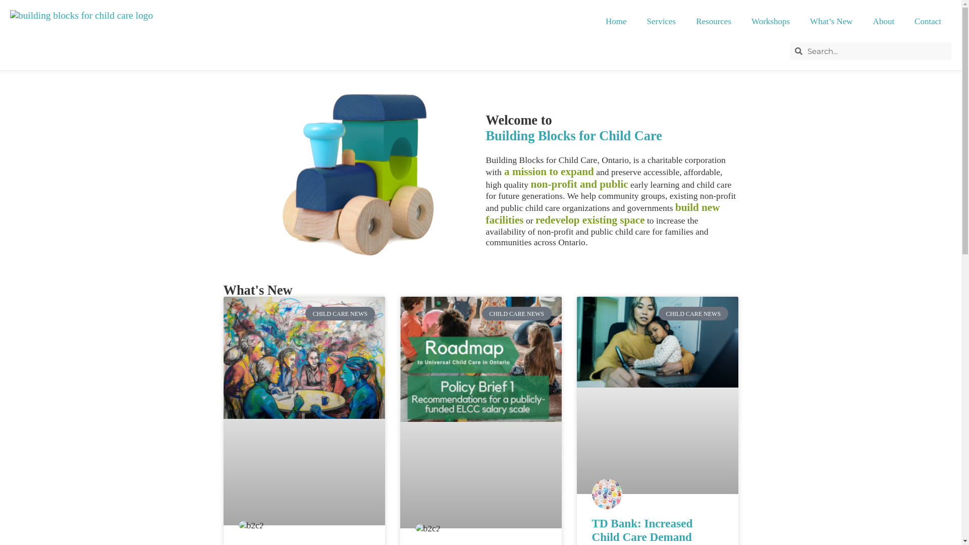 The width and height of the screenshot is (969, 545). What do you see at coordinates (883, 21) in the screenshot?
I see `'About'` at bounding box center [883, 21].